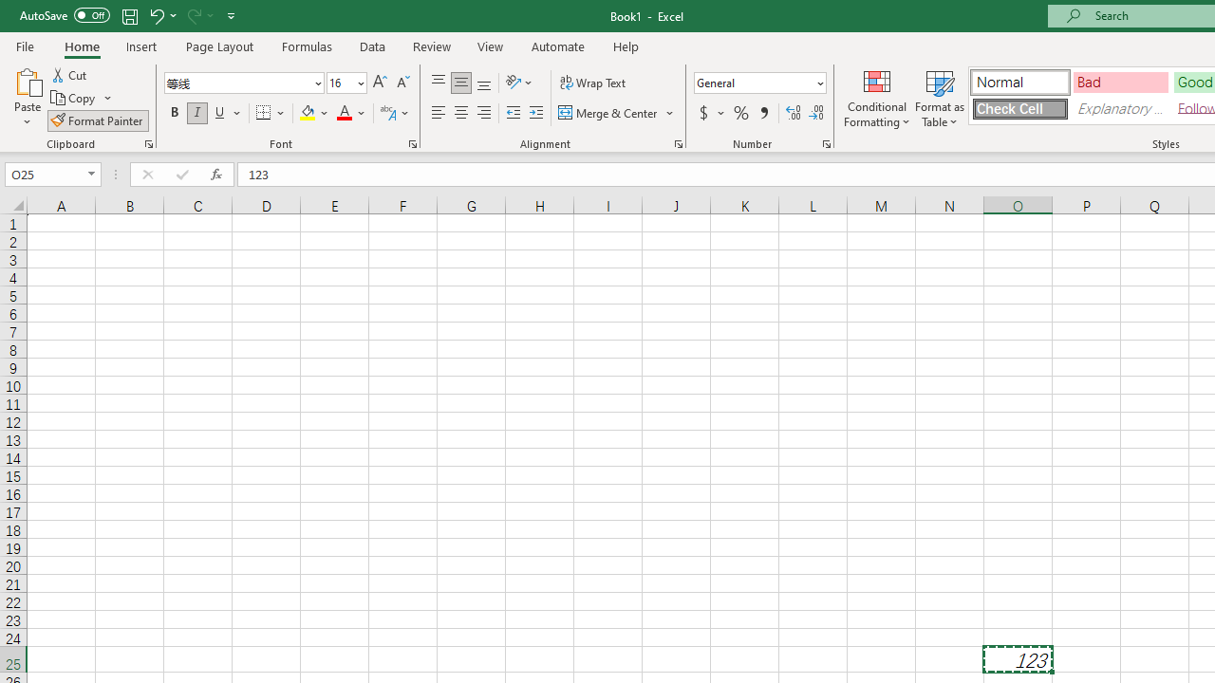 This screenshot has height=683, width=1215. I want to click on 'Automate', so click(557, 46).